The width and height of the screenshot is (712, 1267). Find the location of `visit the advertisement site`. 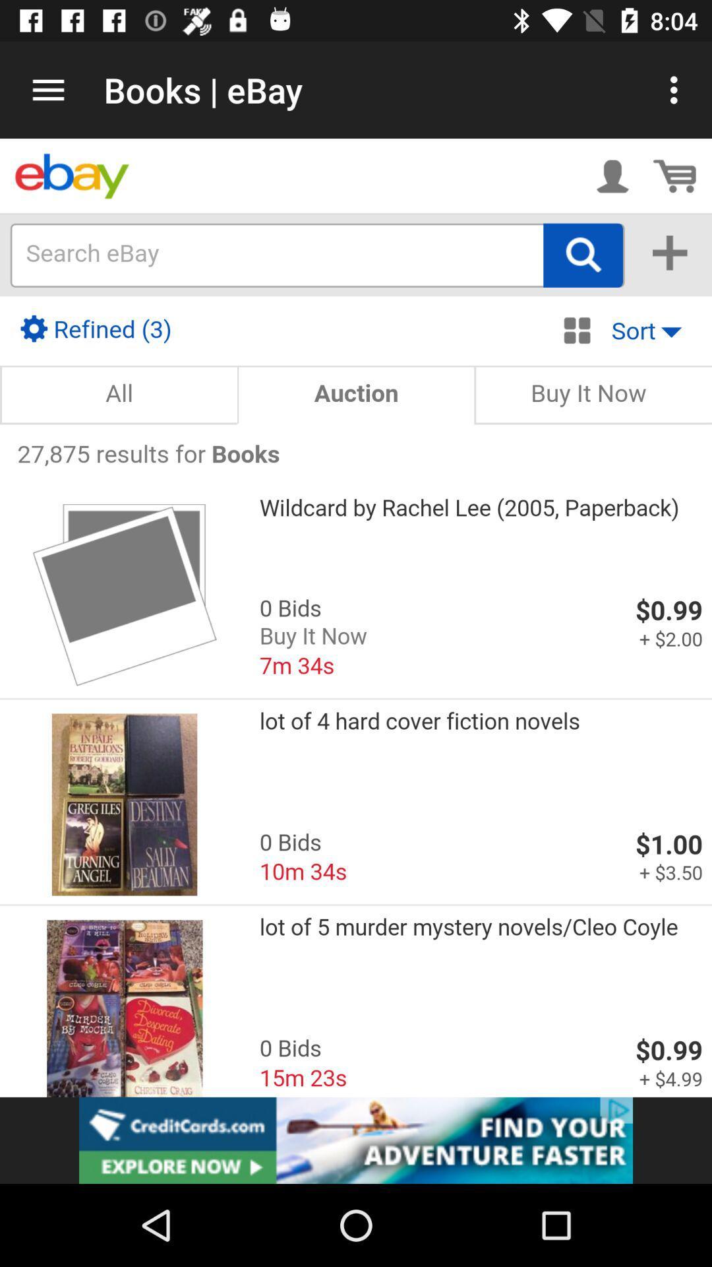

visit the advertisement site is located at coordinates (356, 1140).